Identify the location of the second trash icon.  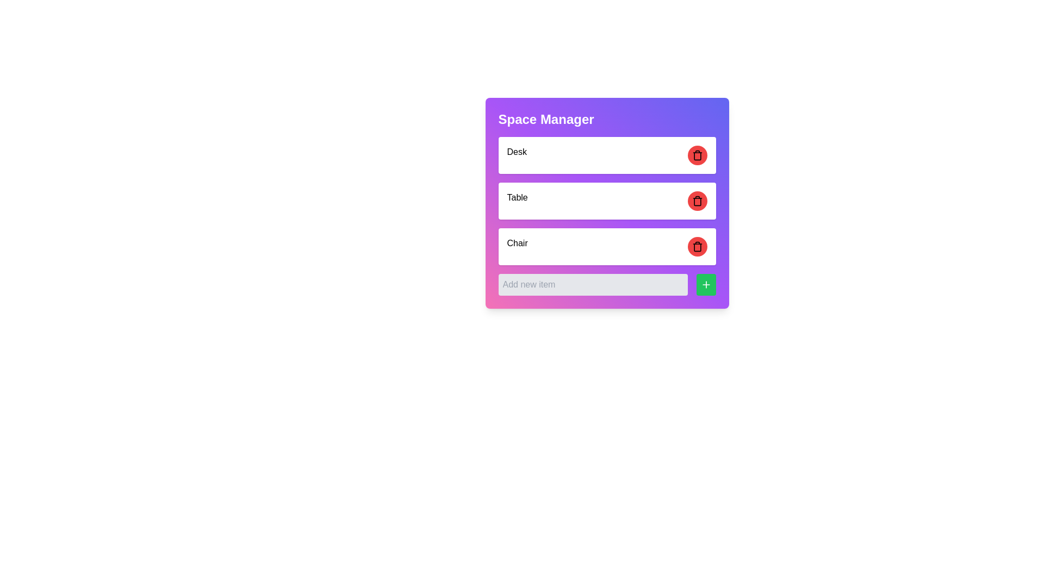
(697, 201).